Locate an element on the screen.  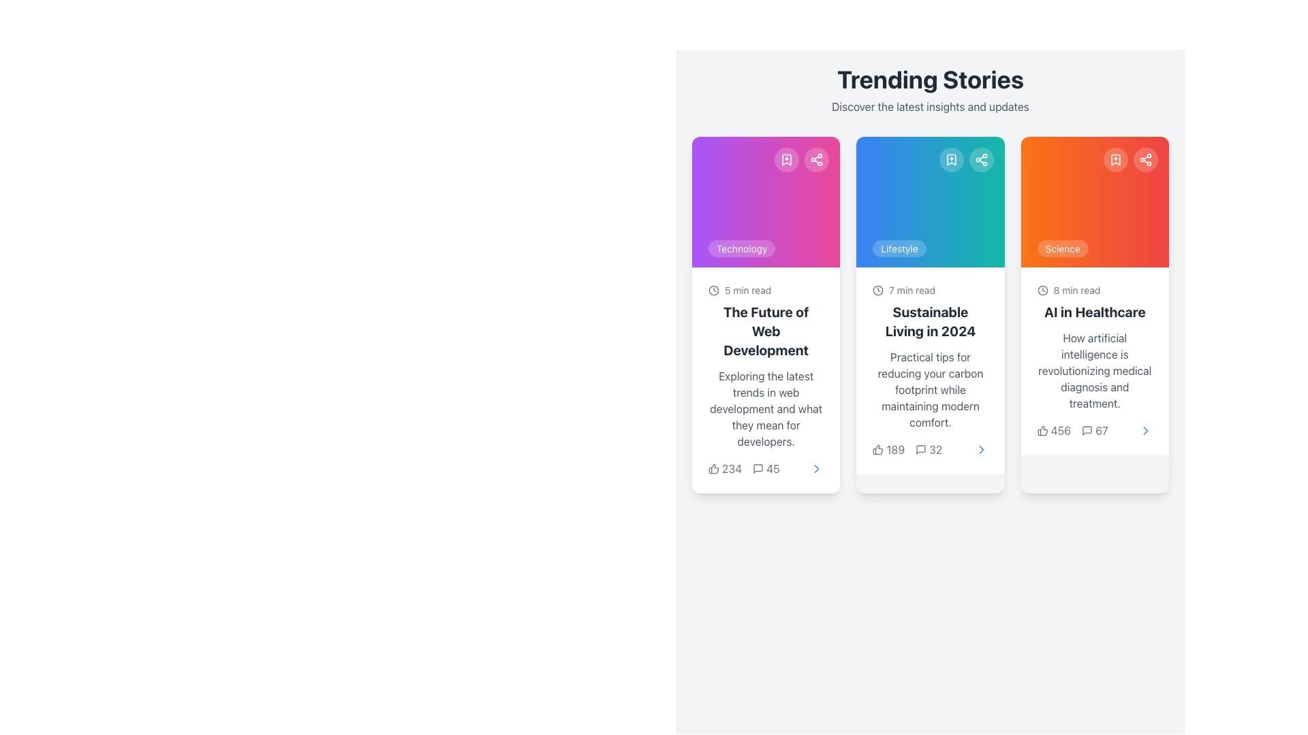
the third card in the 'Trending Stories' section that serves as a summary preview for an article about artificial intelligence in healthcare is located at coordinates (1095, 361).